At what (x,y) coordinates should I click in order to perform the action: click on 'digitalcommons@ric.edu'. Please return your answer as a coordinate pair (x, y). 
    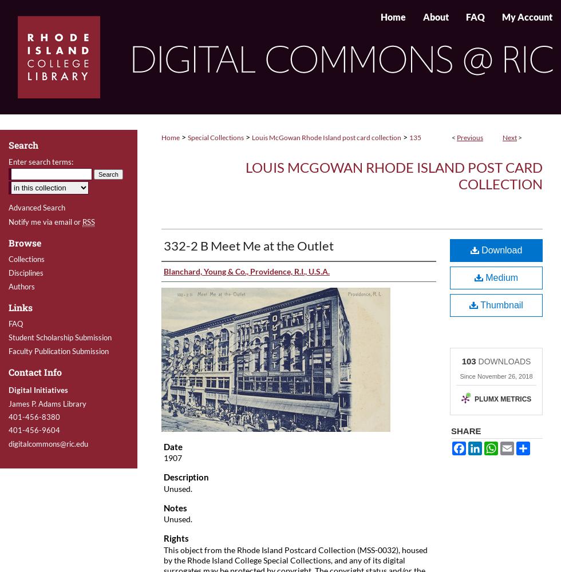
    Looking at the image, I should click on (48, 443).